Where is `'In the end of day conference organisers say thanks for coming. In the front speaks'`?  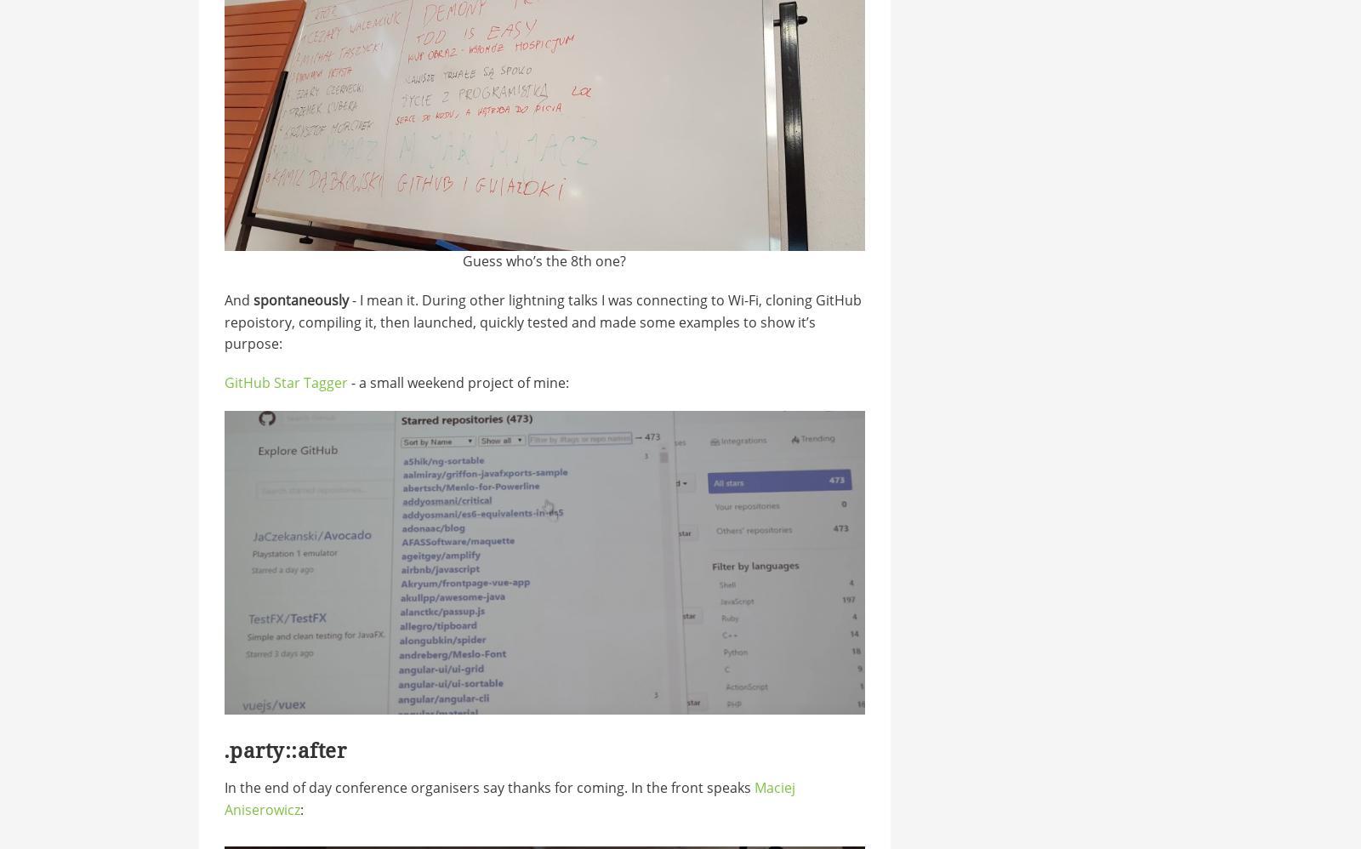 'In the end of day conference organisers say thanks for coming. In the front speaks' is located at coordinates (487, 788).